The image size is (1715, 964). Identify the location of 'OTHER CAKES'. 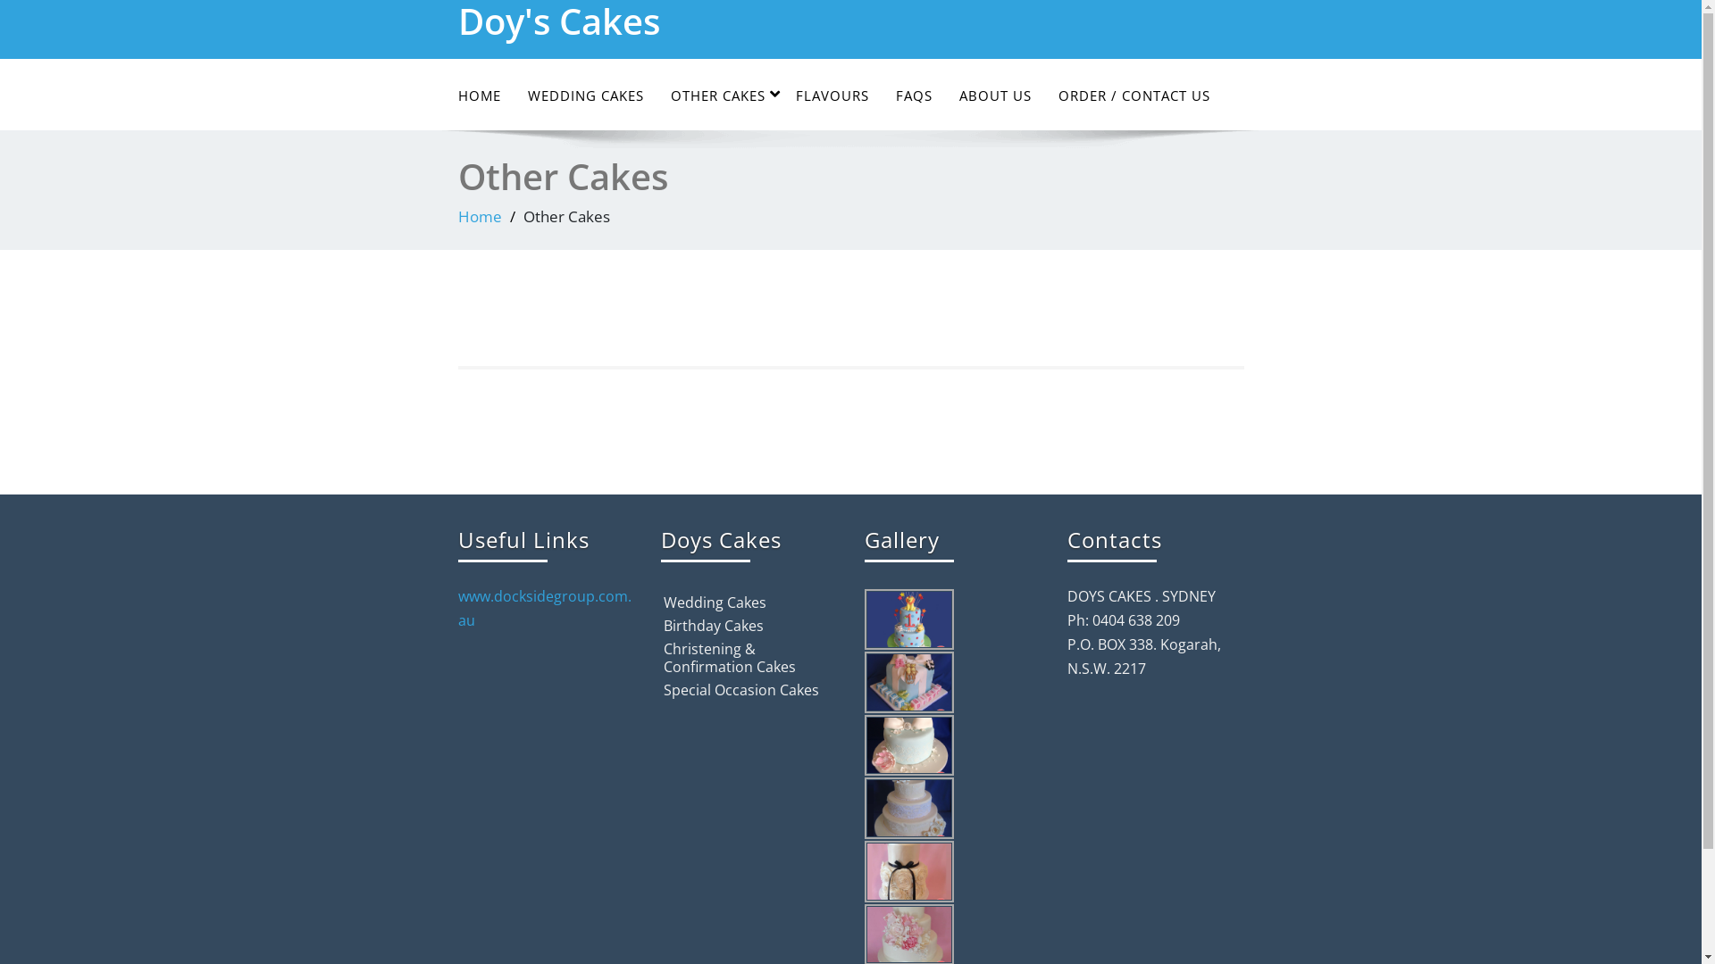
(720, 96).